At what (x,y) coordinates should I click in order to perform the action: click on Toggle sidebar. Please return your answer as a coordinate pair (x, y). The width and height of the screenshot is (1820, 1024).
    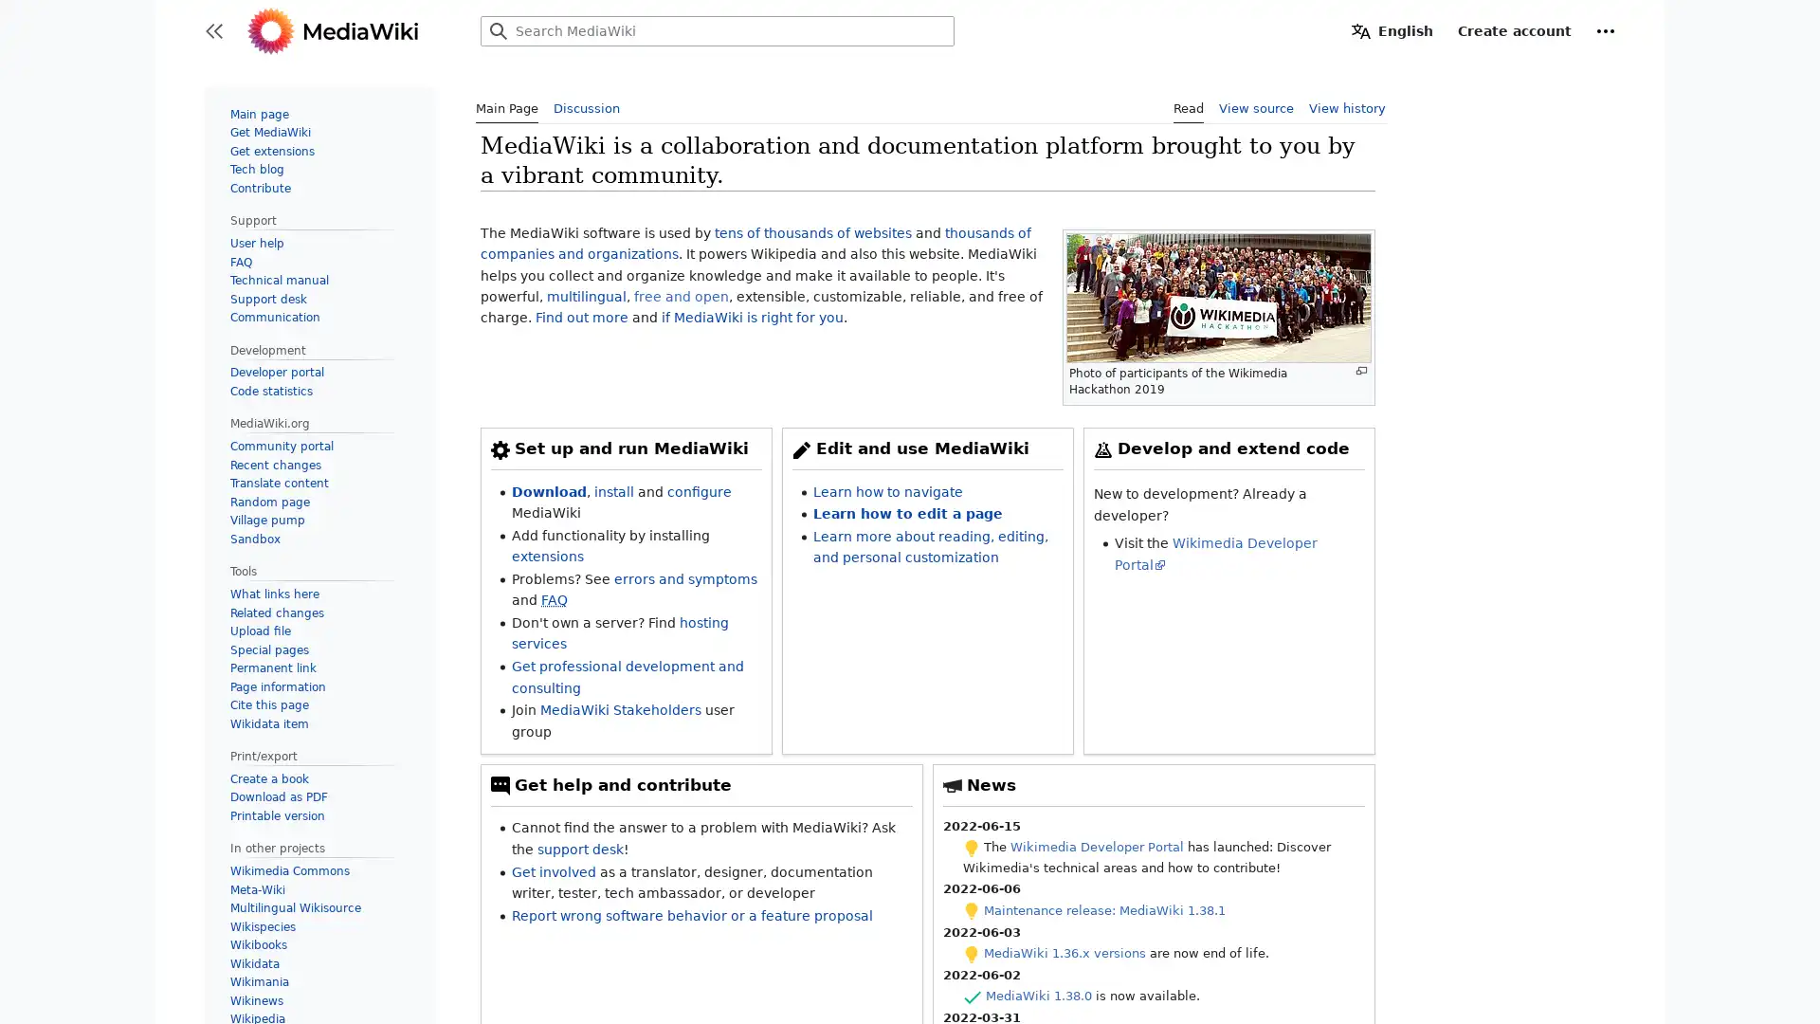
    Looking at the image, I should click on (213, 31).